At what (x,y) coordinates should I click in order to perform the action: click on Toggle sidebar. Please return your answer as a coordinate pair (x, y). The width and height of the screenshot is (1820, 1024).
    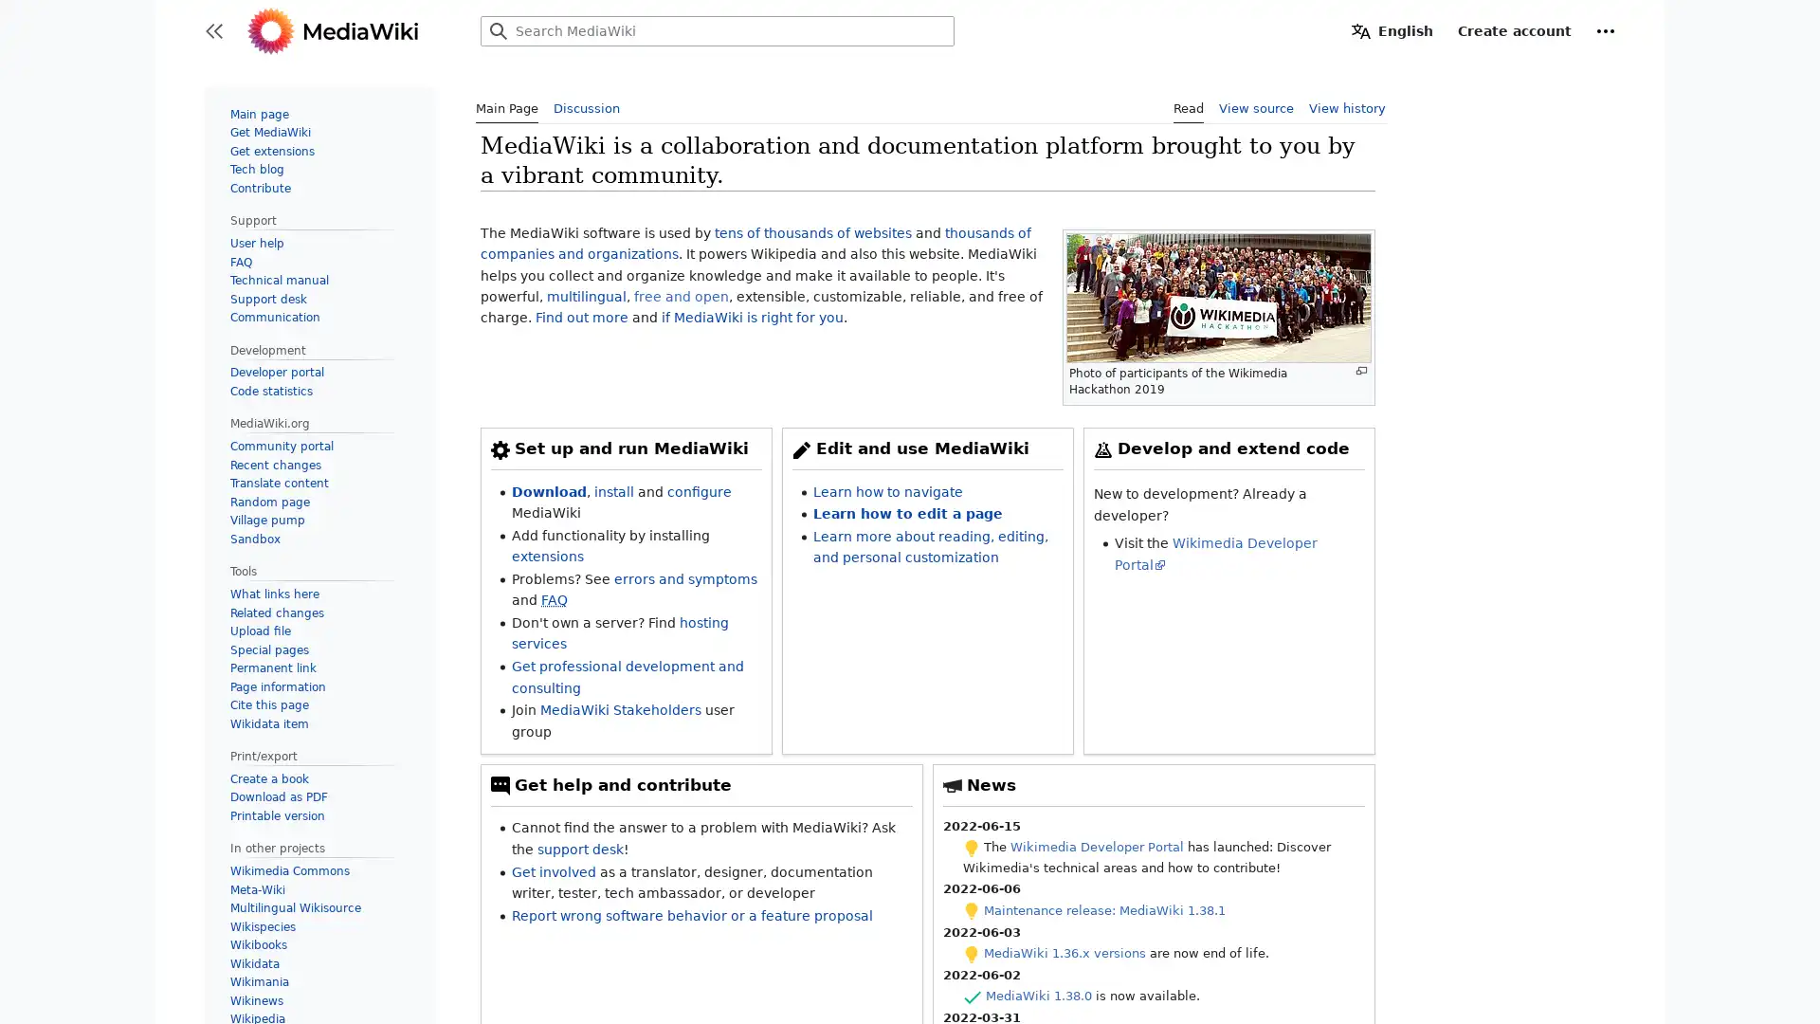
    Looking at the image, I should click on (213, 31).